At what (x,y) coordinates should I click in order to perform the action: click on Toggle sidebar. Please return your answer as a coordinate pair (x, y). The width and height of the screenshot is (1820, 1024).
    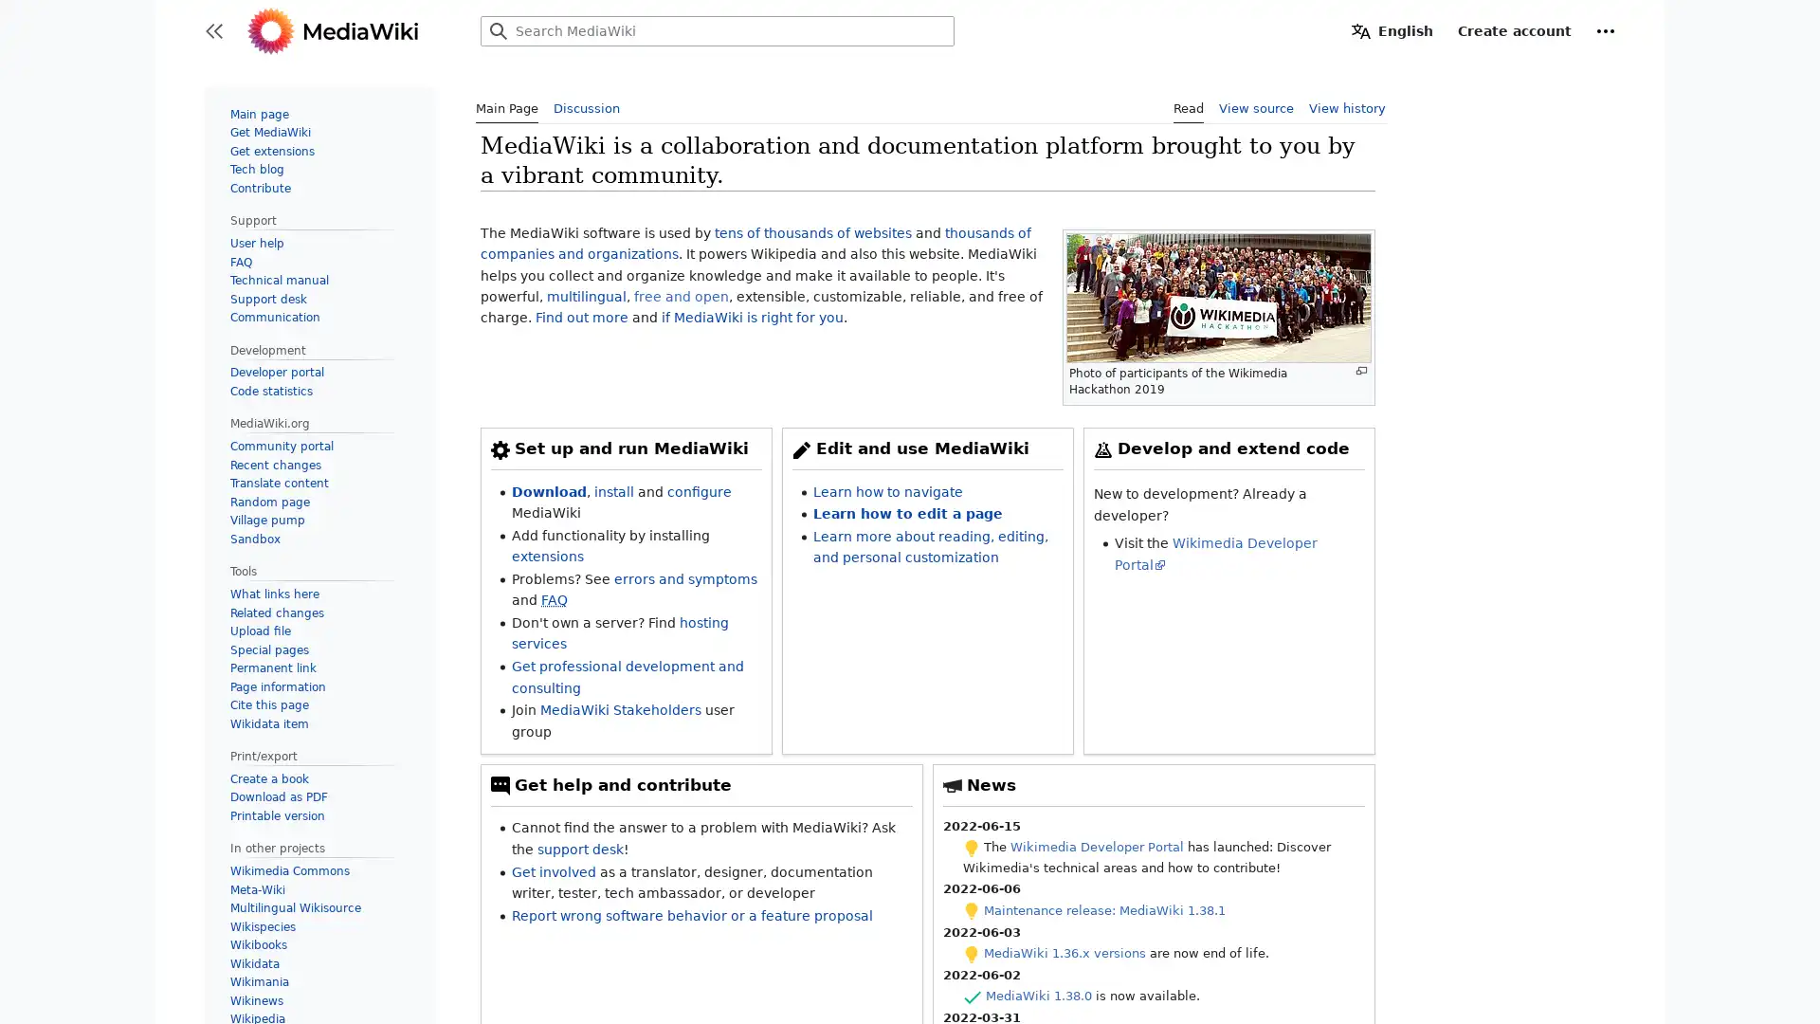
    Looking at the image, I should click on (213, 31).